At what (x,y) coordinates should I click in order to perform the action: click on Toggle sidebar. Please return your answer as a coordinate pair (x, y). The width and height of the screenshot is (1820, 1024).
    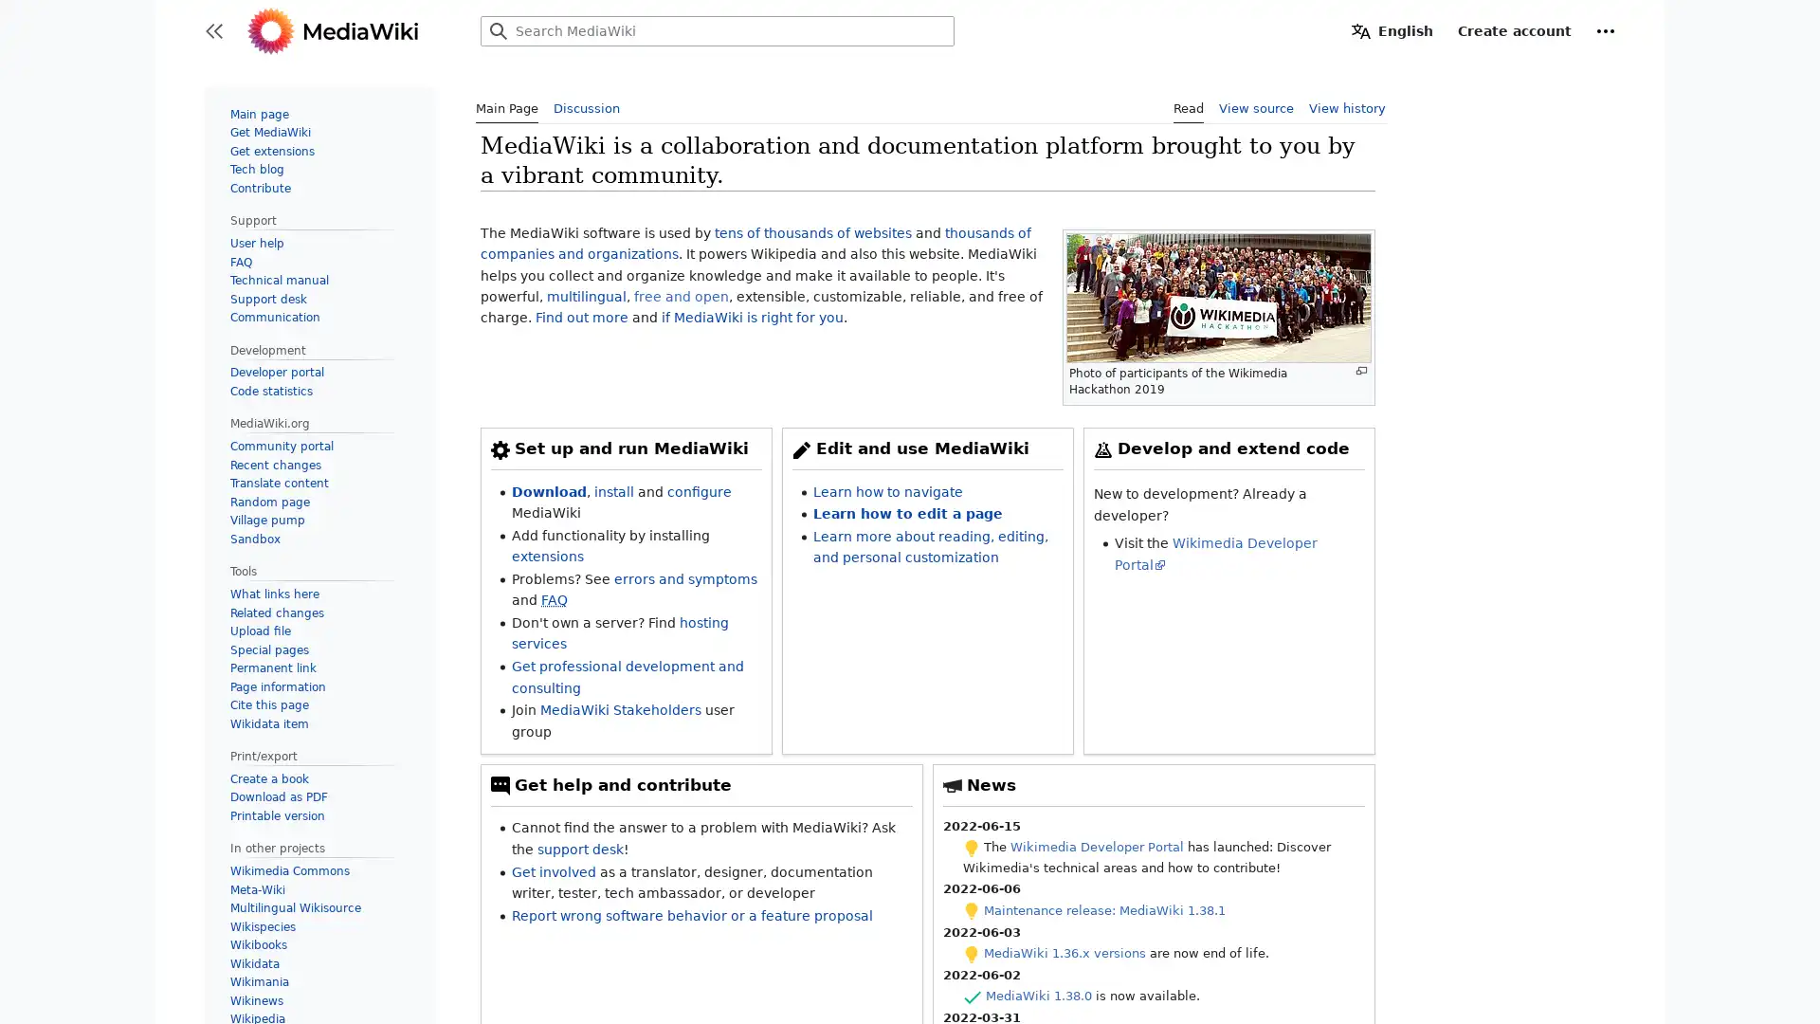
    Looking at the image, I should click on (213, 31).